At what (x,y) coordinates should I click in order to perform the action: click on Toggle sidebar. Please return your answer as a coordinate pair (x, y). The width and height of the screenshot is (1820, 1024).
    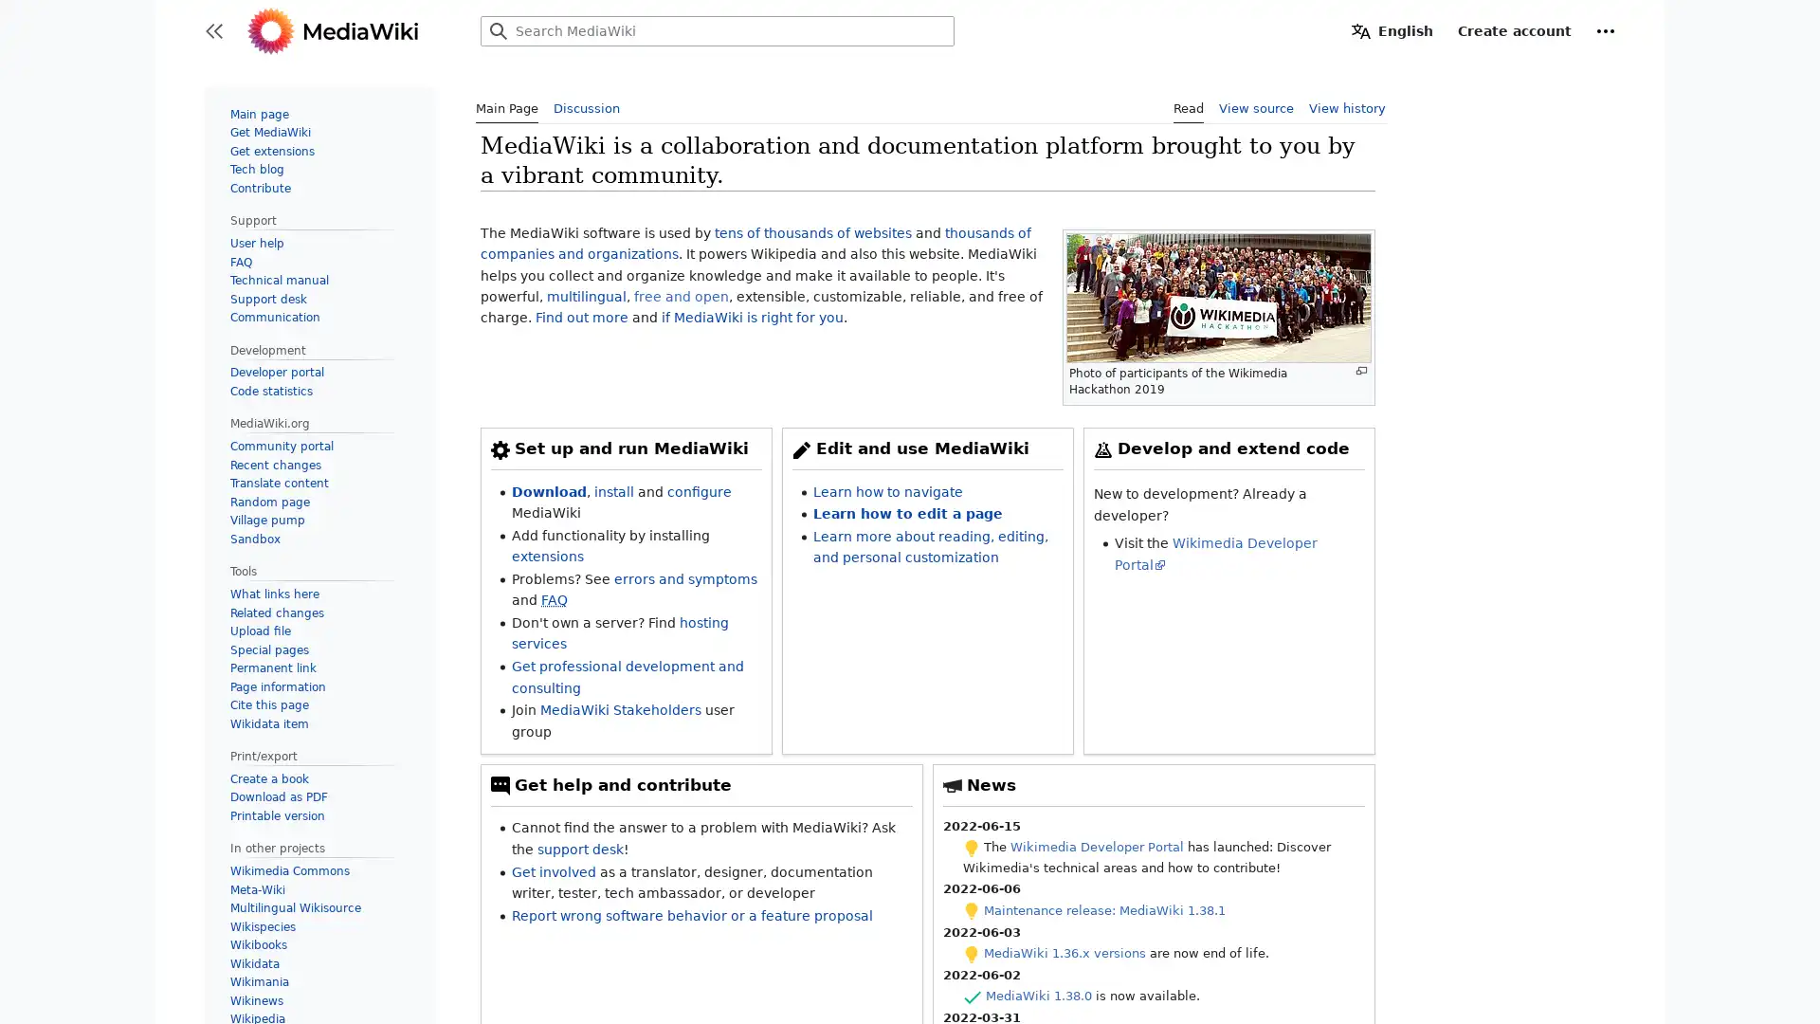
    Looking at the image, I should click on (213, 31).